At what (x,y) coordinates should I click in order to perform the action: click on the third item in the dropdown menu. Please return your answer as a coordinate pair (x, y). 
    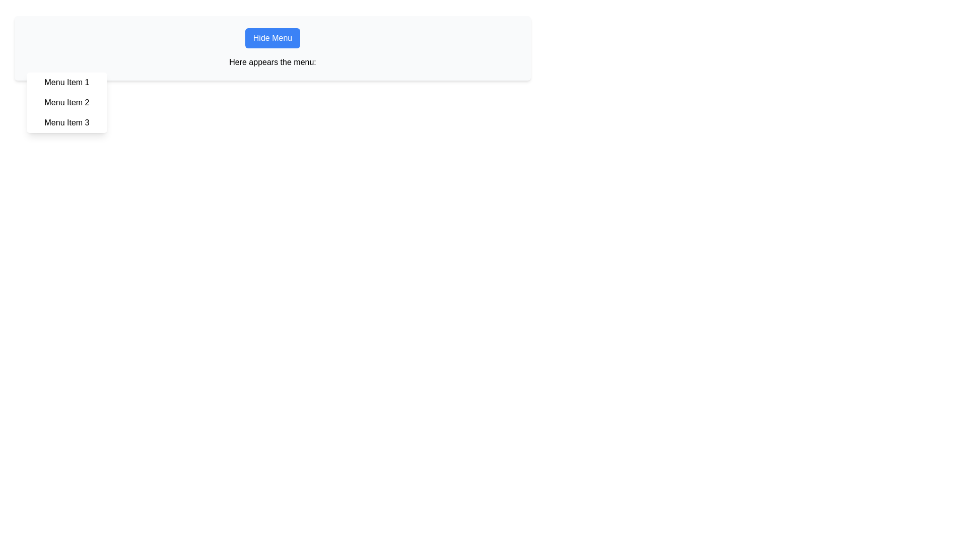
    Looking at the image, I should click on (66, 122).